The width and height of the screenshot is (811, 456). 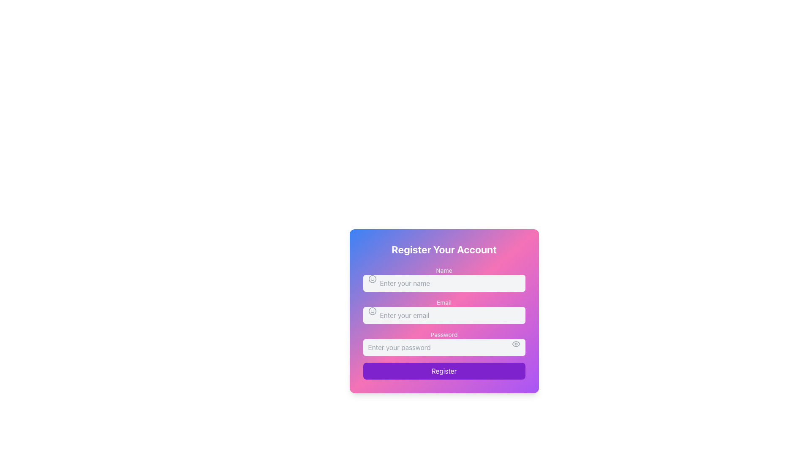 I want to click on the 'Password' label, which is a small, bold gray text positioned above the password input field within a form structure, so click(x=444, y=334).